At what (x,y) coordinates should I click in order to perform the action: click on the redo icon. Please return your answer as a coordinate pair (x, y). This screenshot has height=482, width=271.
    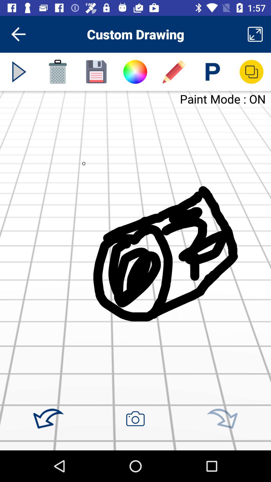
    Looking at the image, I should click on (222, 419).